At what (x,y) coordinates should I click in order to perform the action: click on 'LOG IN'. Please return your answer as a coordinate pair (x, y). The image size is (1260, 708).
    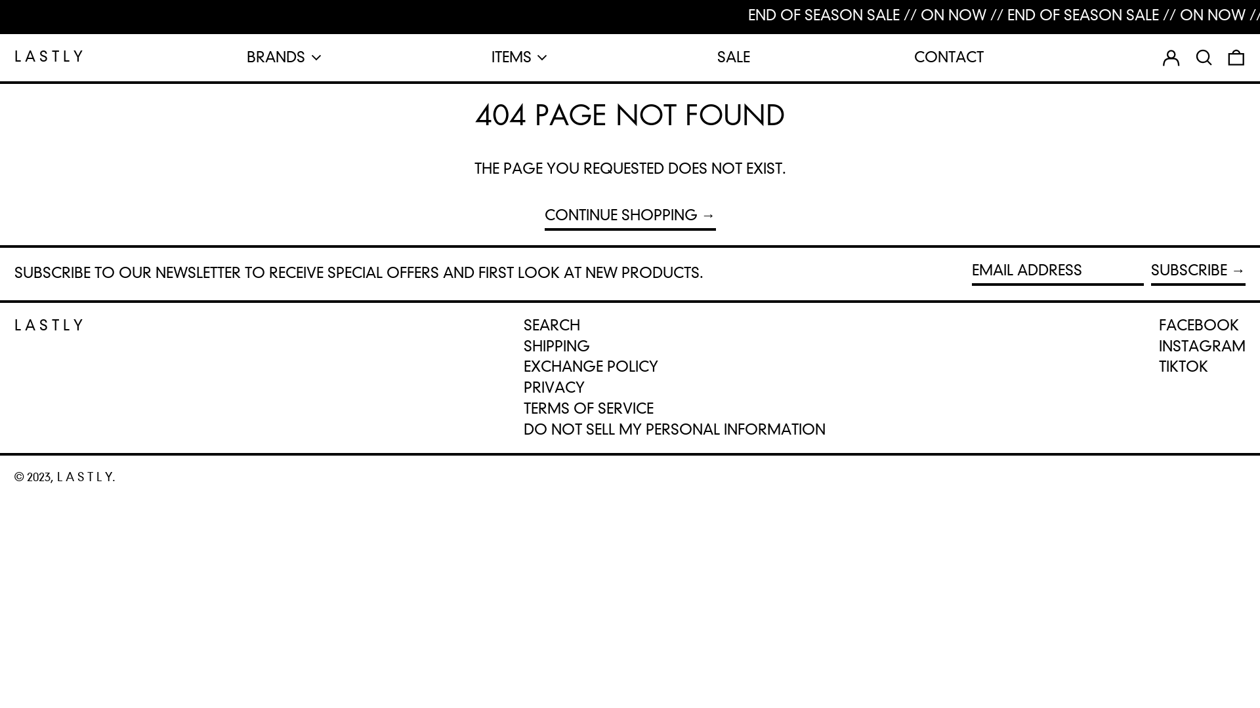
    Looking at the image, I should click on (1171, 57).